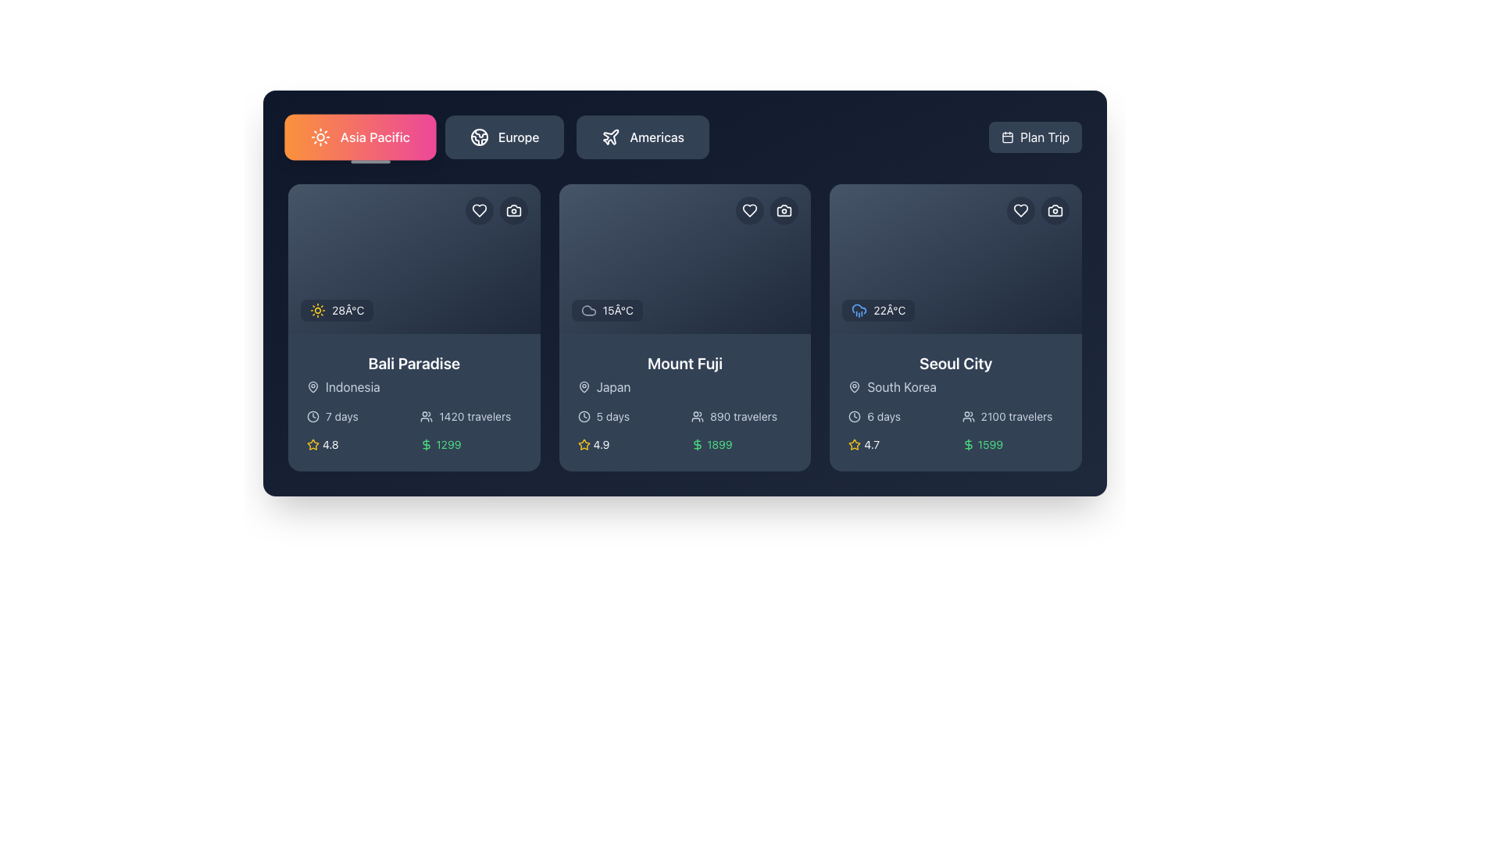  Describe the element at coordinates (600, 445) in the screenshot. I see `the text label displaying '4.9' located at the bottom left corner of the second card from the left, adjacent to the yellow star icon, to establish contextual association with neighboring elements` at that location.